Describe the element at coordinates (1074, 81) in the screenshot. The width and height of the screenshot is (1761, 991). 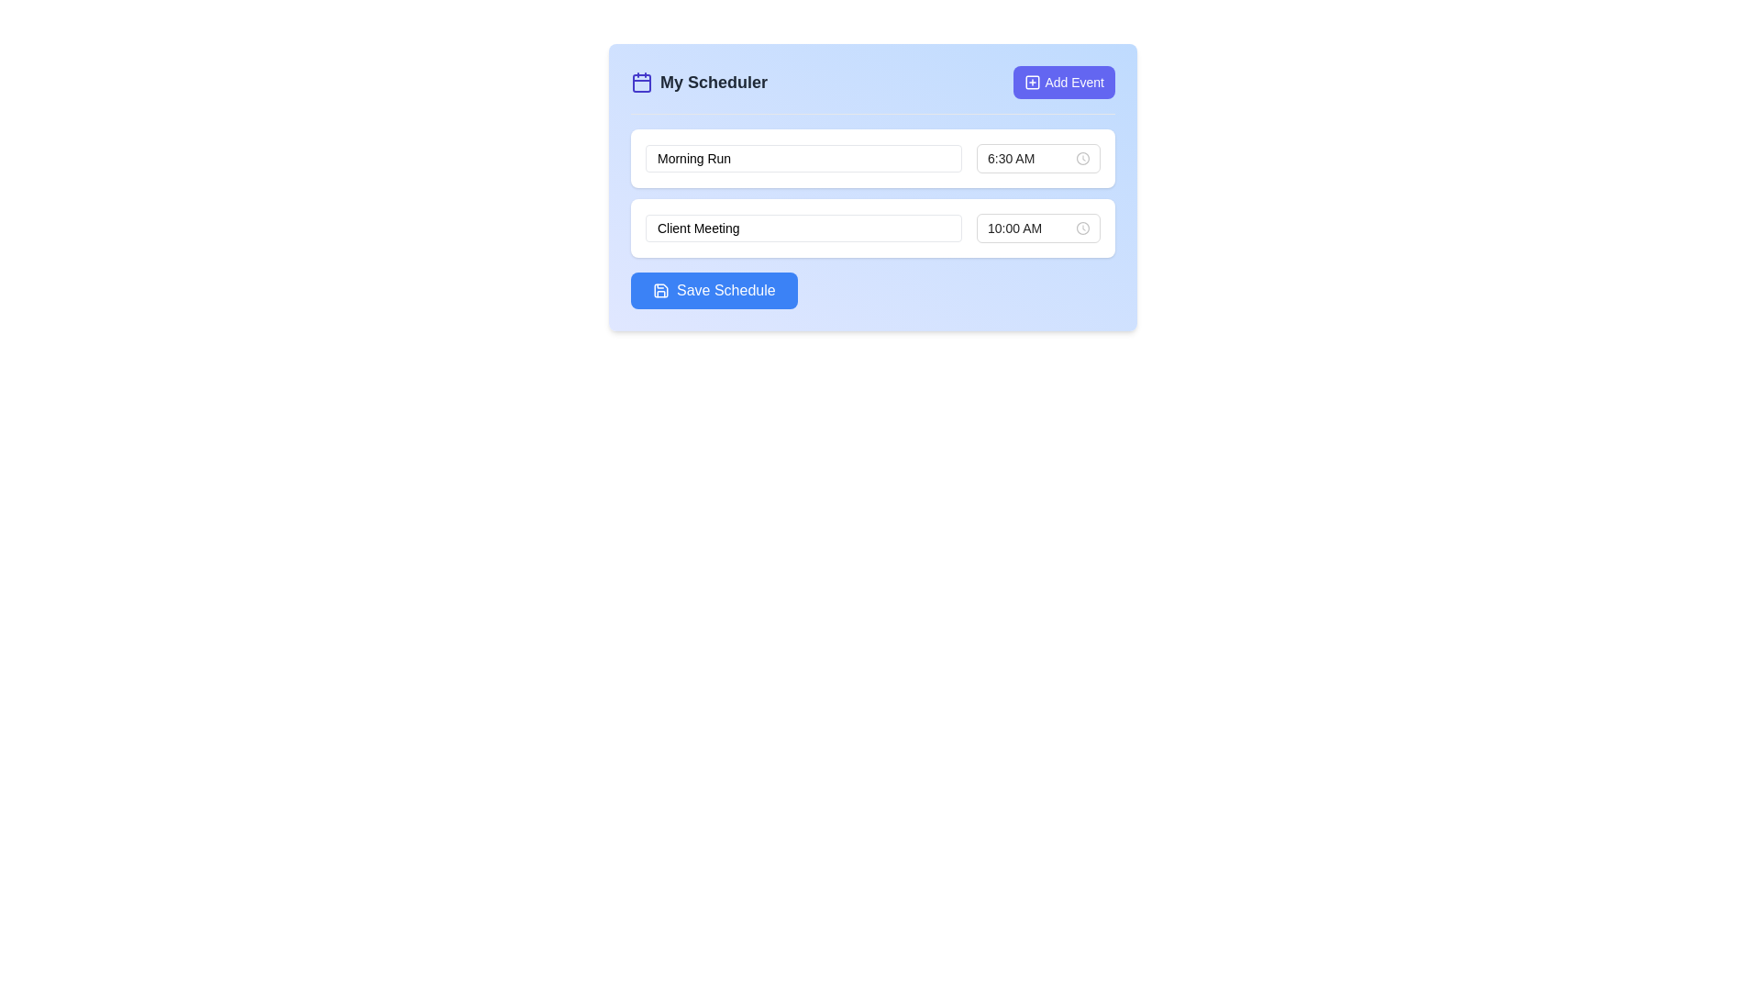
I see `the 'Add Event' button located at the top-right of the visible card interface, which displays the phrase 'Add Event' in white on a purple background` at that location.